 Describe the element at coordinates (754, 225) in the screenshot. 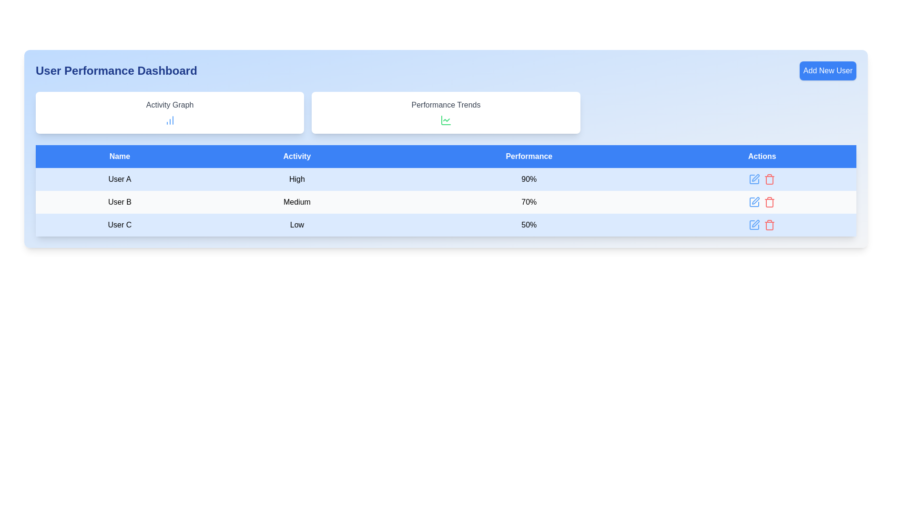

I see `the stylized square icon in the 'Actions' column of the table, part of the third row for 'User C'` at that location.